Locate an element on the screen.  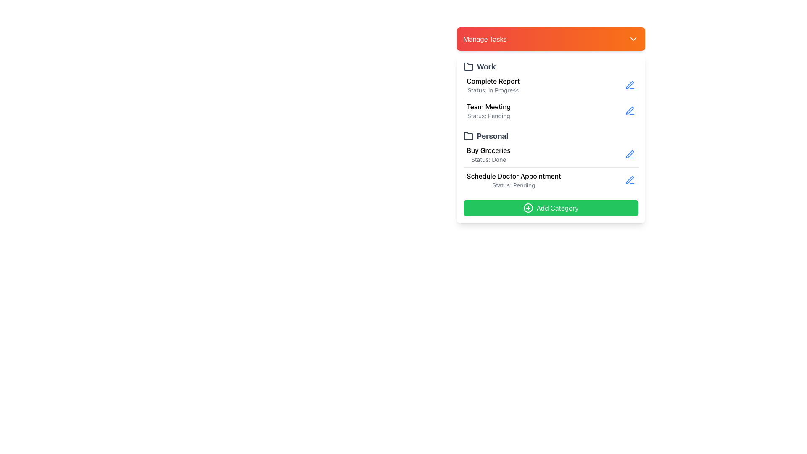
the central circle of the plus icon within the green 'Add Category' button located at the bottom of the task manager card is located at coordinates (527, 208).